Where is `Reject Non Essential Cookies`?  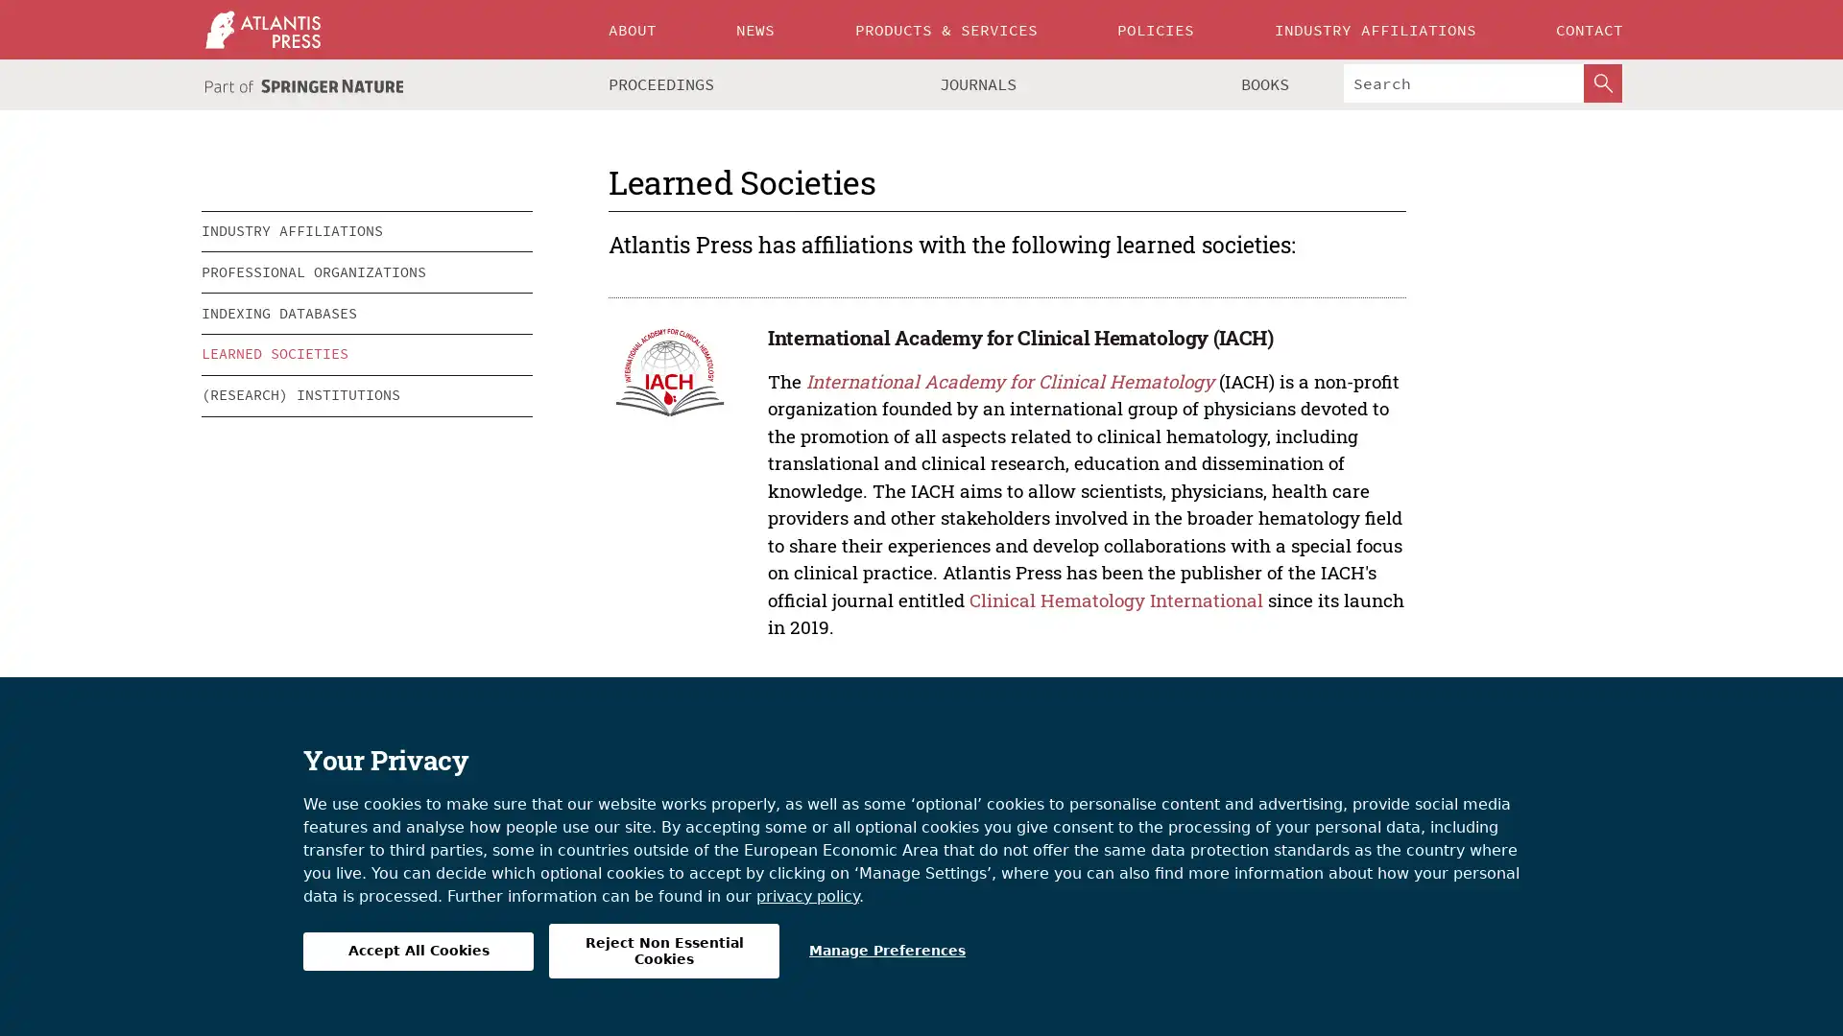
Reject Non Essential Cookies is located at coordinates (663, 951).